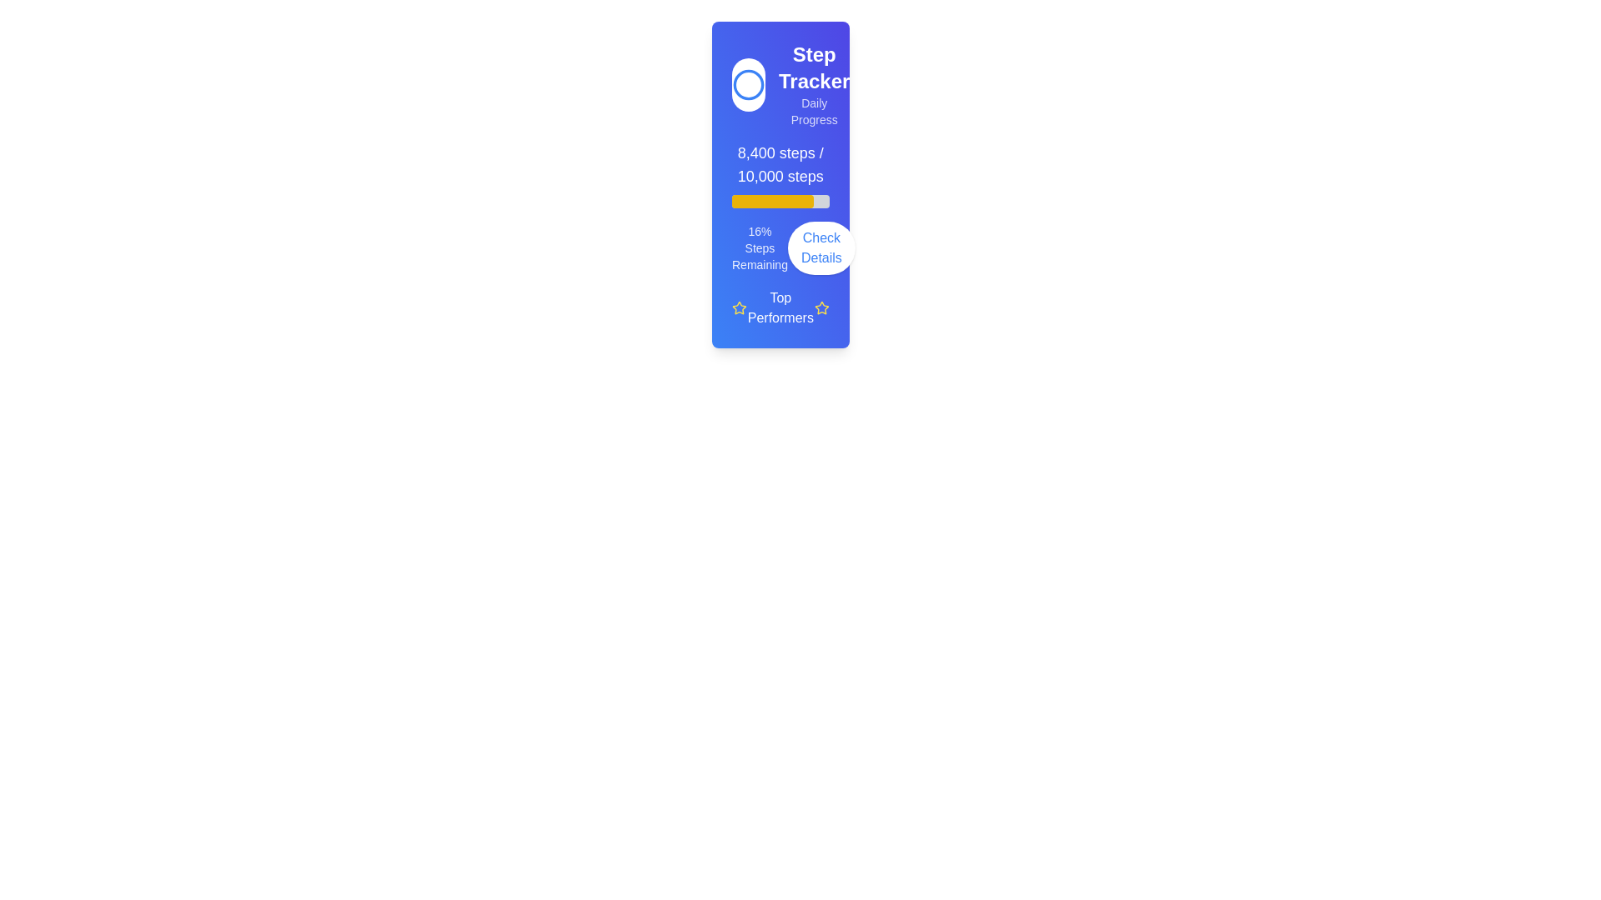 The height and width of the screenshot is (900, 1601). I want to click on the circular icon with a blue outline that is located at the top of the card, above the 'Step Tracker' title, so click(747, 84).